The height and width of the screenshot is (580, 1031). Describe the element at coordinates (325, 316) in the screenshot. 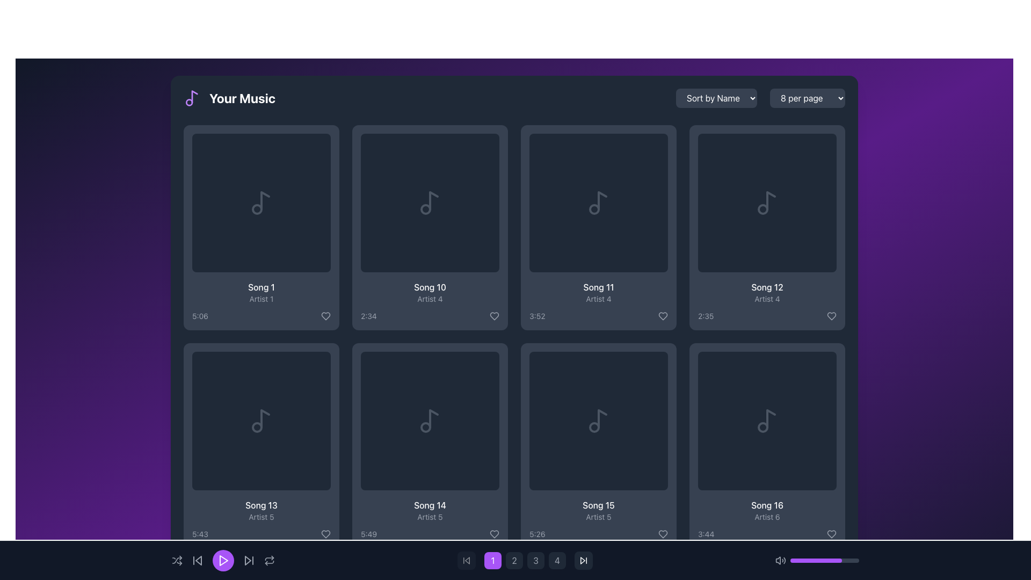

I see `the heart-shaped icon button in the bottom-right corner of the 'Song 1' tile` at that location.